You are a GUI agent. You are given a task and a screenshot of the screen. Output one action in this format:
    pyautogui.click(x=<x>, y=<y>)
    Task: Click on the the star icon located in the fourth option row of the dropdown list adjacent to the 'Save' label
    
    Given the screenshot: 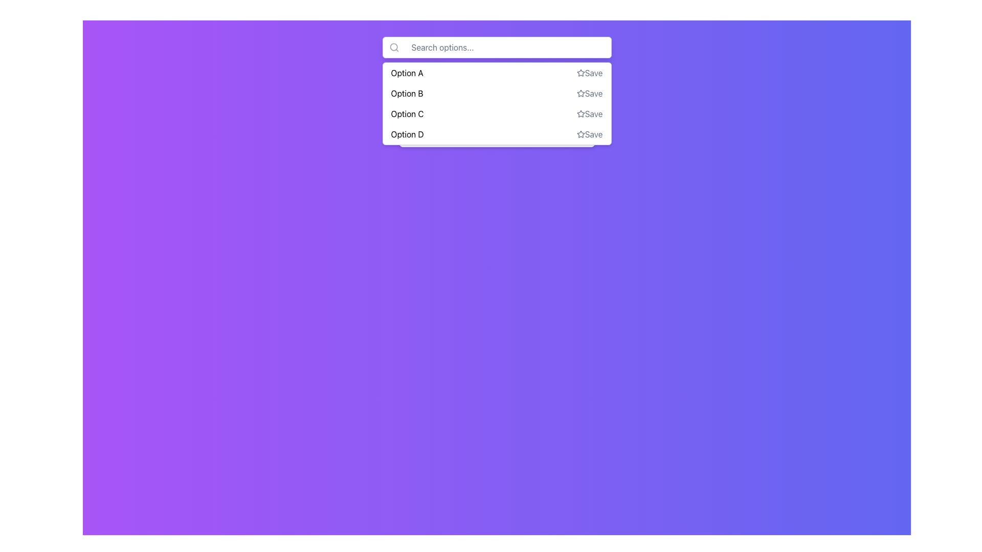 What is the action you would take?
    pyautogui.click(x=581, y=133)
    